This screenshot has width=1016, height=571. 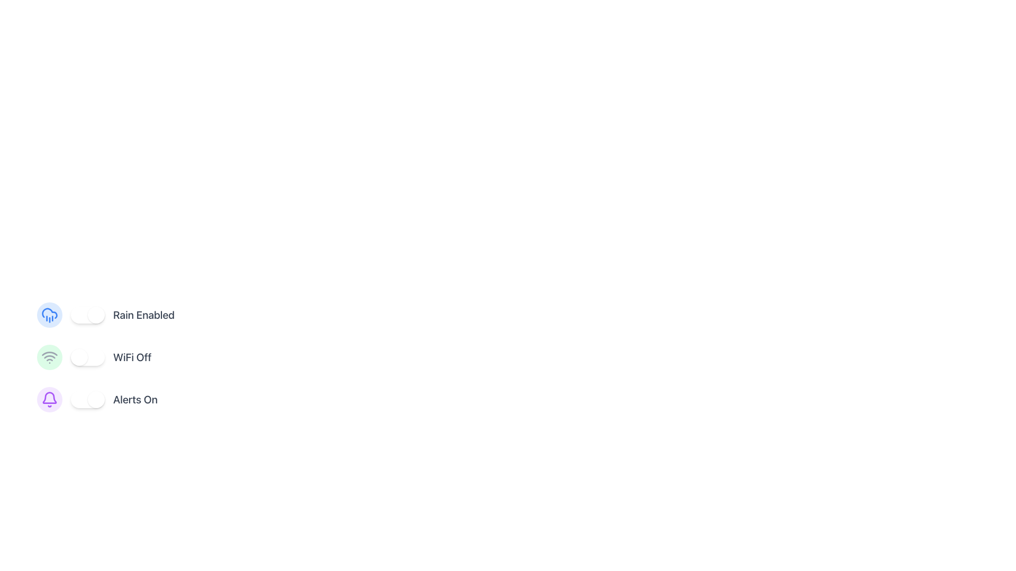 I want to click on the WiFi icon, which is a gray icon with curved lines and a dot at the bottom, located centrally within a light green circular background, labeled 'WiFi Off' to its right, so click(x=49, y=357).